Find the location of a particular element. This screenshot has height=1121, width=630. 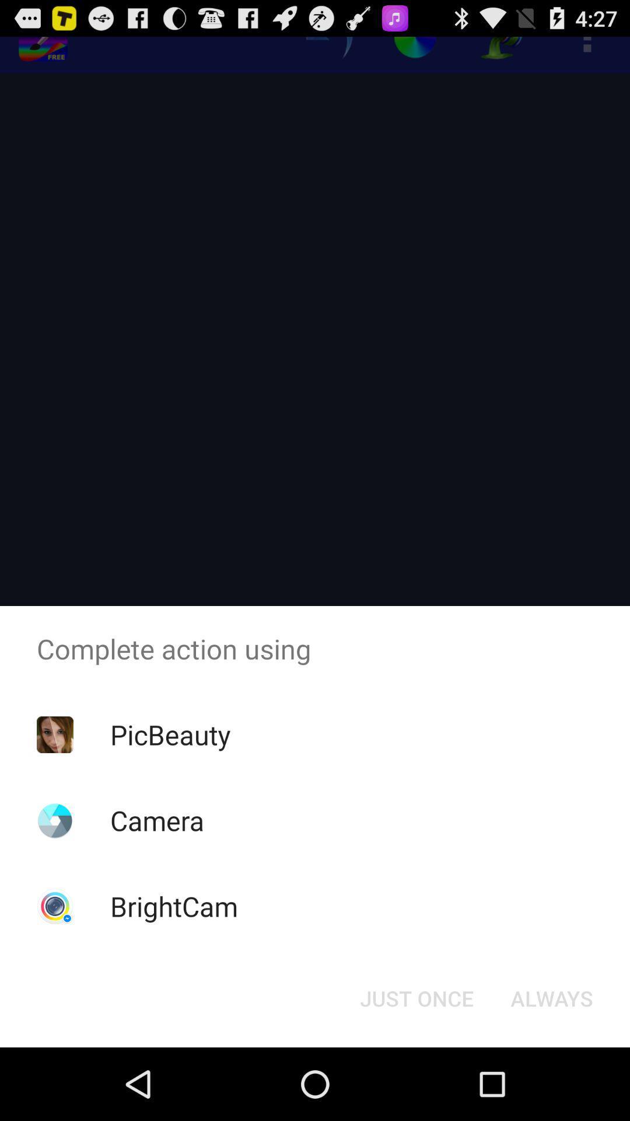

icon at the bottom is located at coordinates (416, 997).